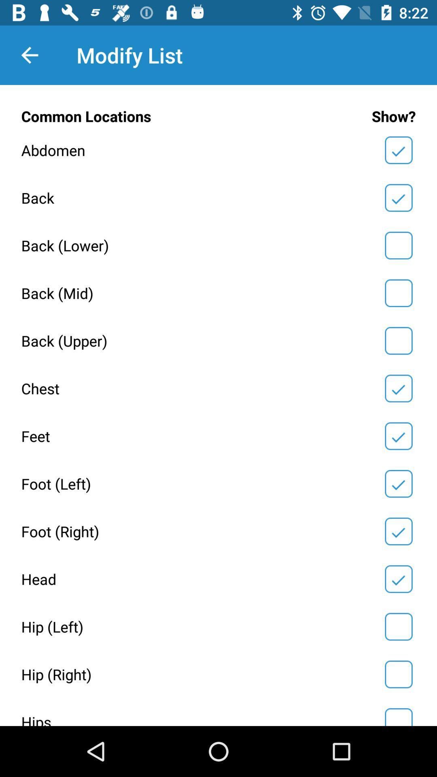  I want to click on check or uncheck hip right, so click(398, 674).